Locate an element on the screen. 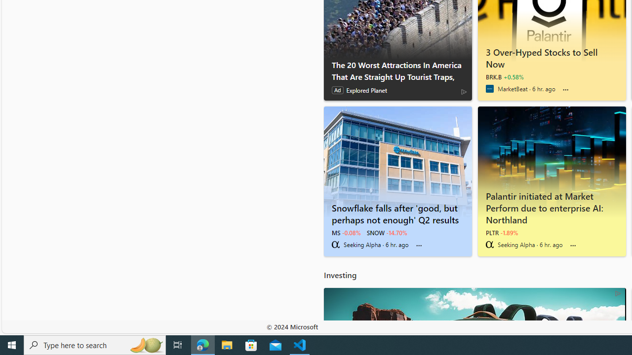 This screenshot has width=632, height=355. '3 Over-Hyped Stocks to Sell Now - MarketBeat' is located at coordinates (551, 56).